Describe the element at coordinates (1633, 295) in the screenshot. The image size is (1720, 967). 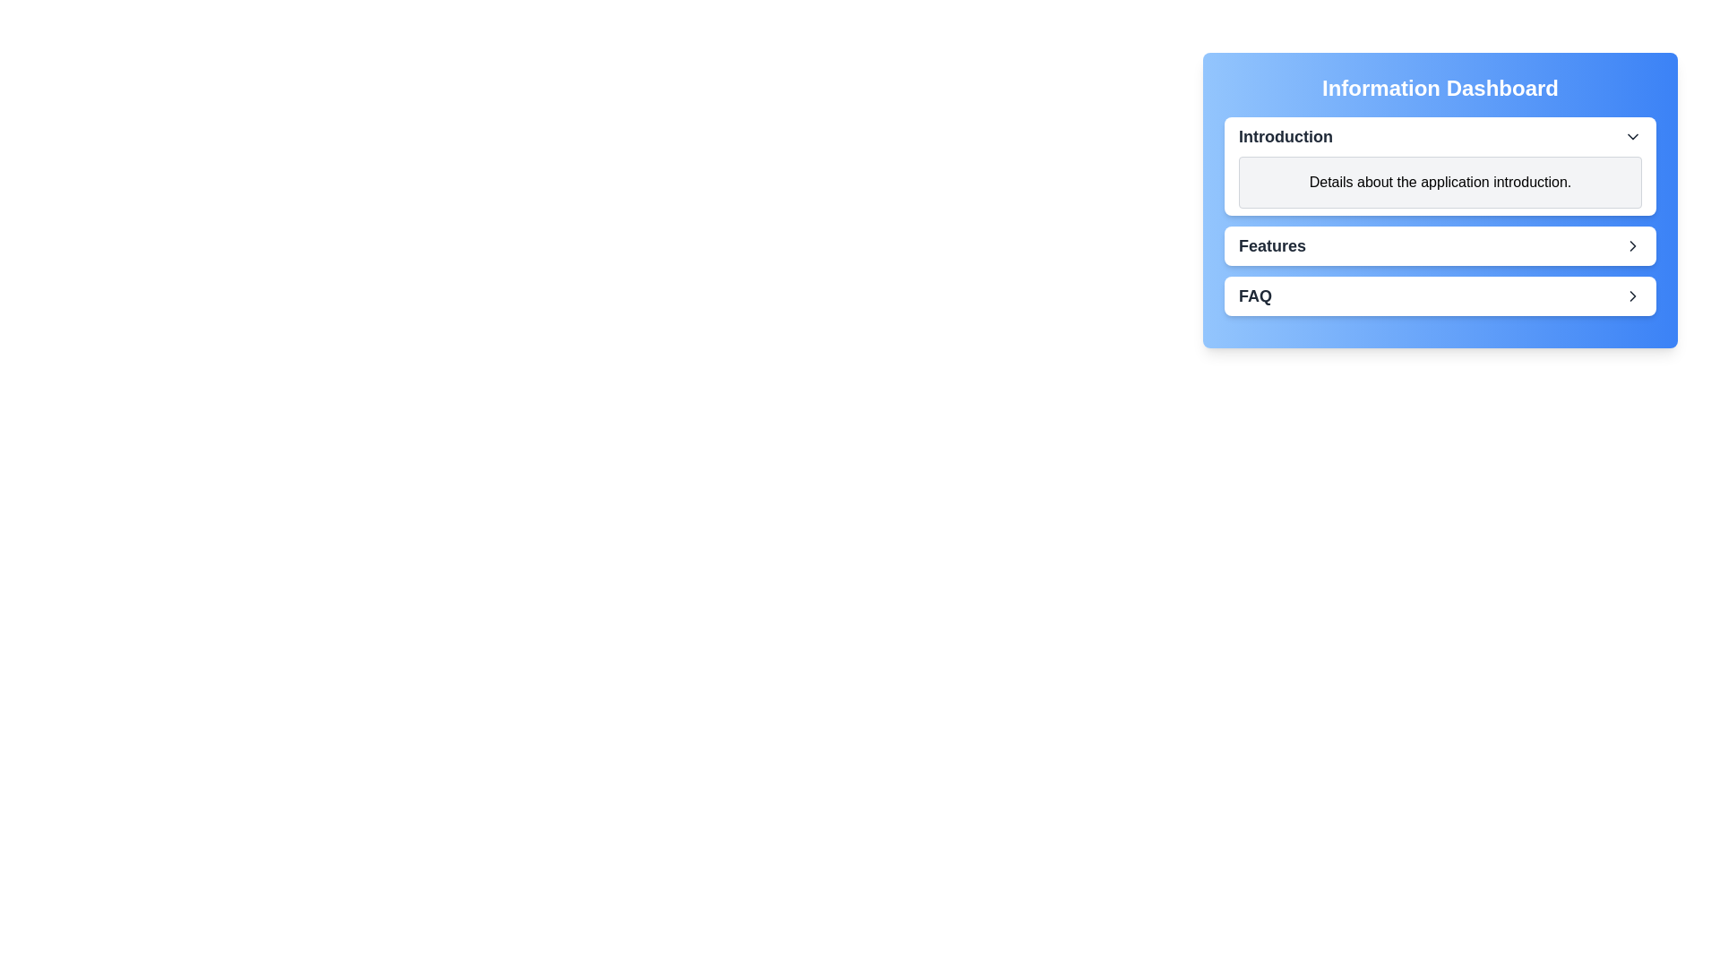
I see `the right chevron icon adjacent to the 'FAQ' text` at that location.